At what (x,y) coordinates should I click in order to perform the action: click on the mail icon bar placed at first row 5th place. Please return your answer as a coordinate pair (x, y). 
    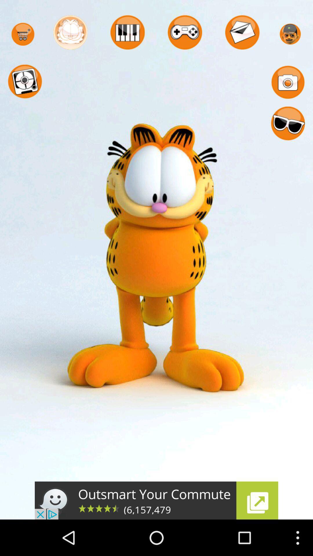
    Looking at the image, I should click on (242, 32).